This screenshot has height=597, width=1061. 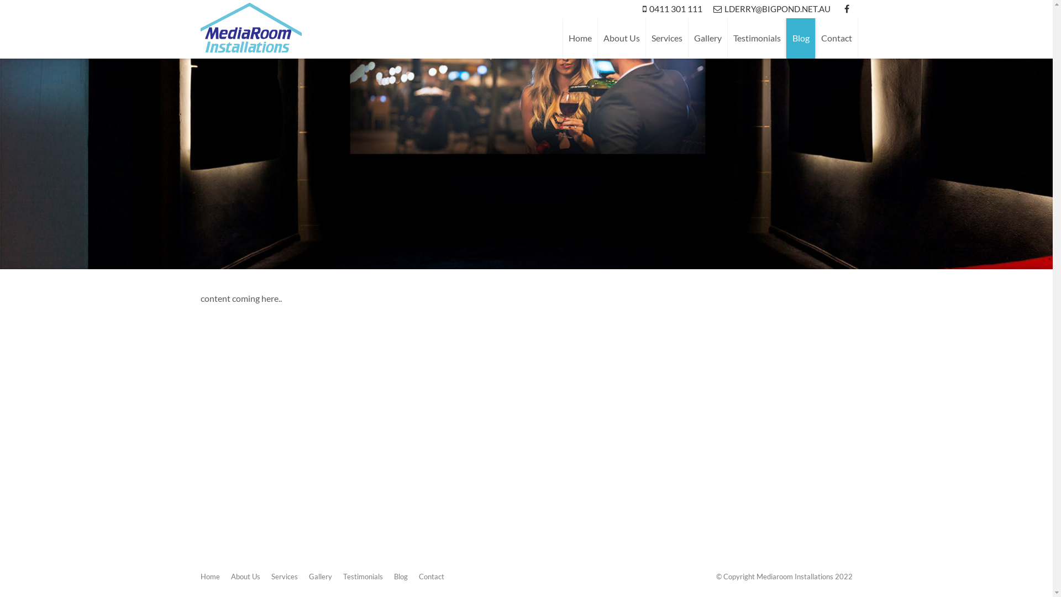 What do you see at coordinates (706, 38) in the screenshot?
I see `'Gallery'` at bounding box center [706, 38].